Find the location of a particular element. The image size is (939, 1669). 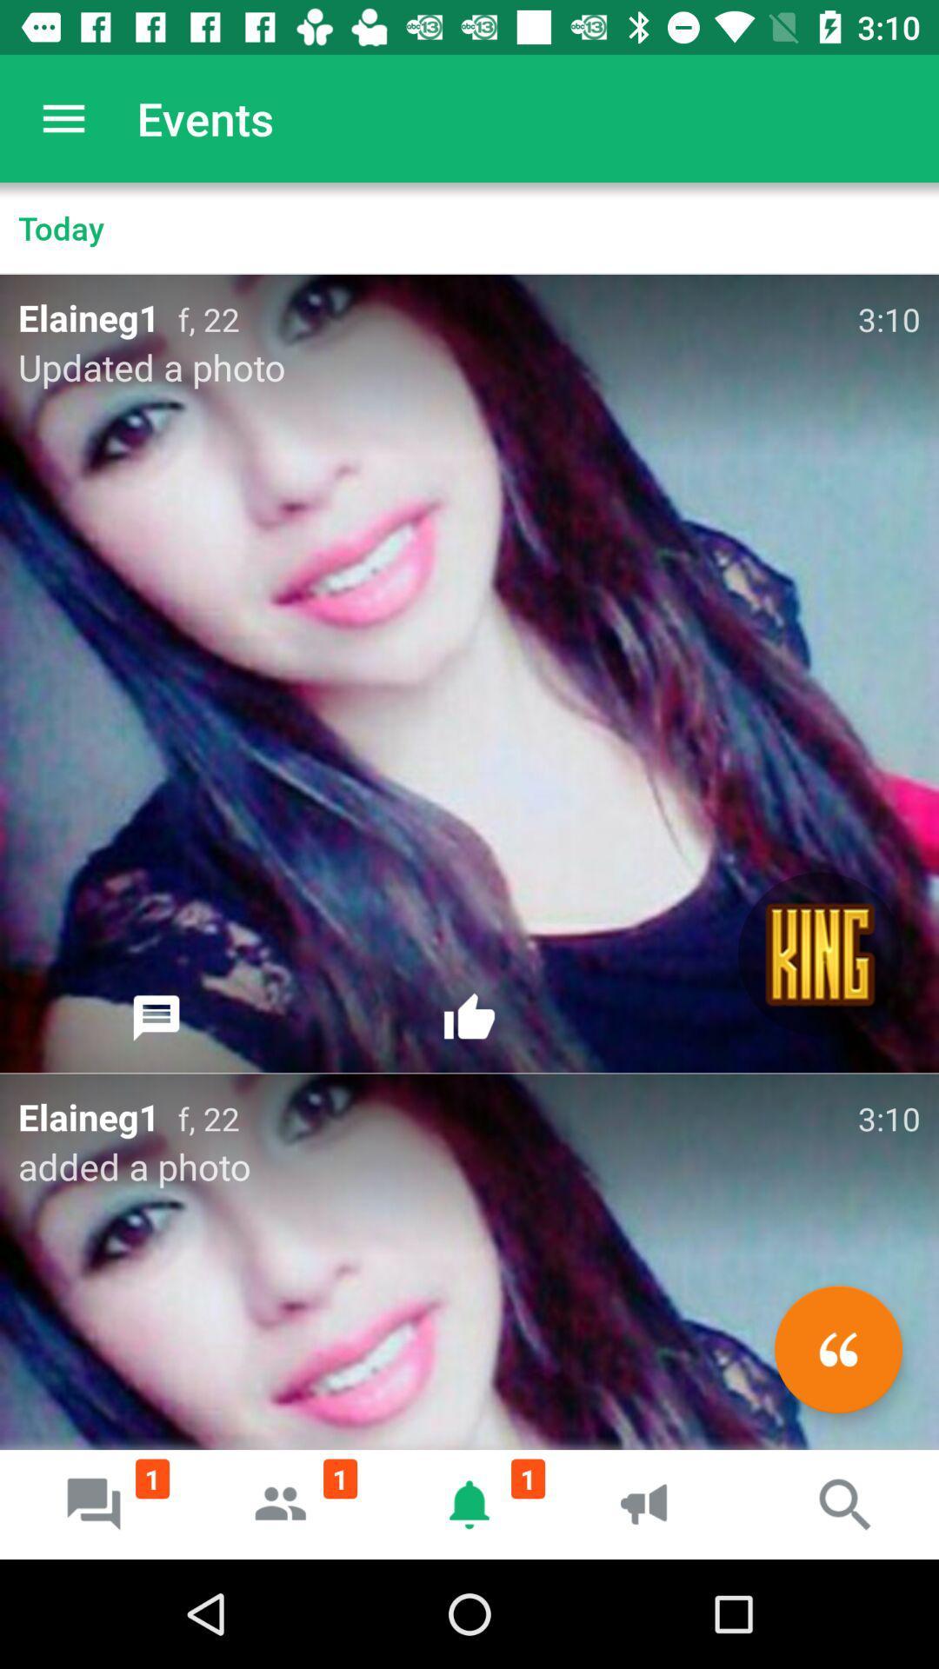

the av_rewind icon is located at coordinates (837, 1348).